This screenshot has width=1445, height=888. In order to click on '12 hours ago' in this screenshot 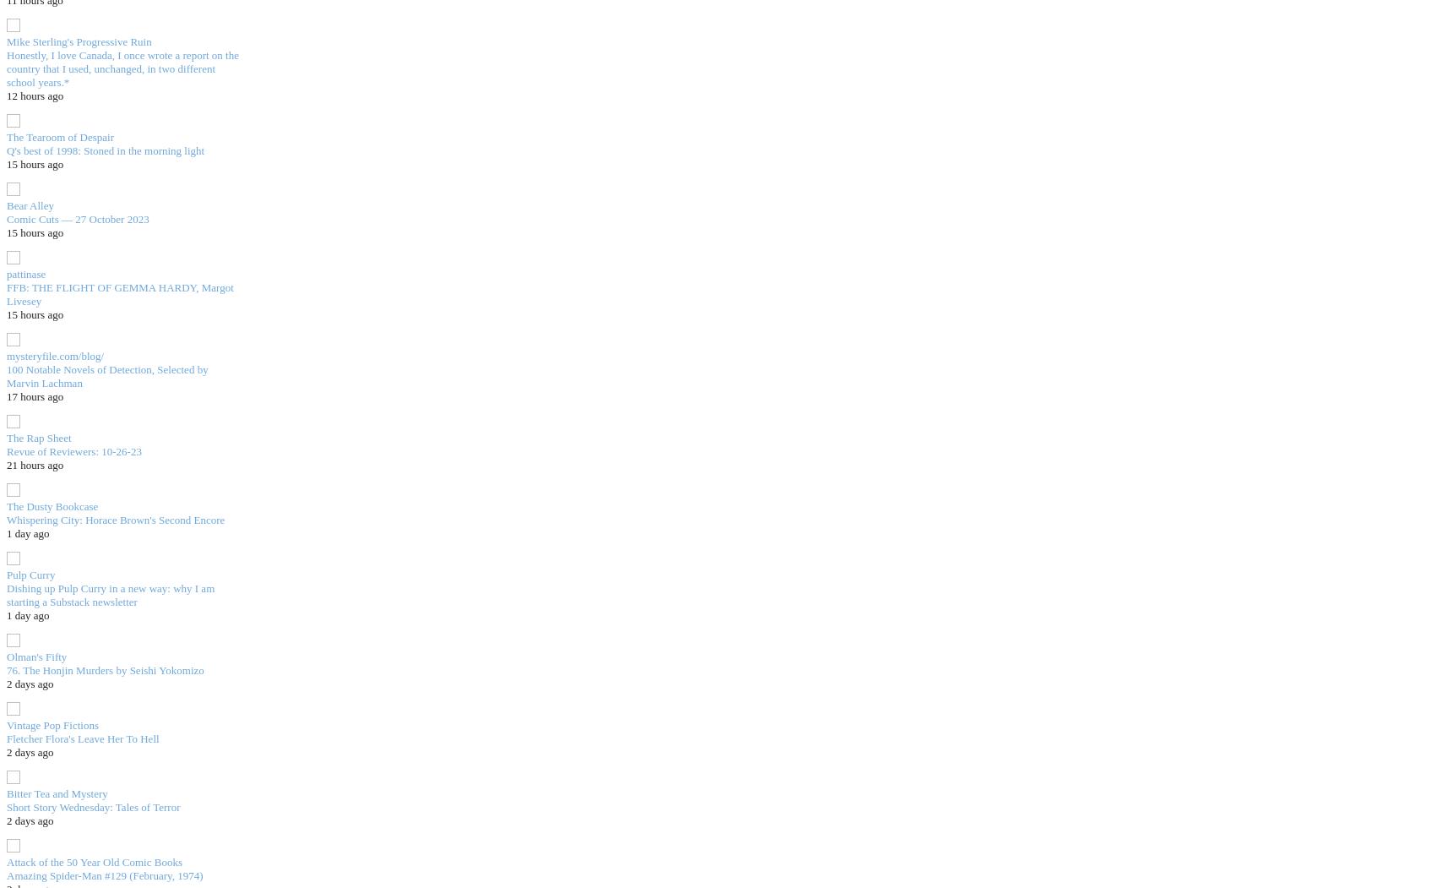, I will do `click(34, 95)`.